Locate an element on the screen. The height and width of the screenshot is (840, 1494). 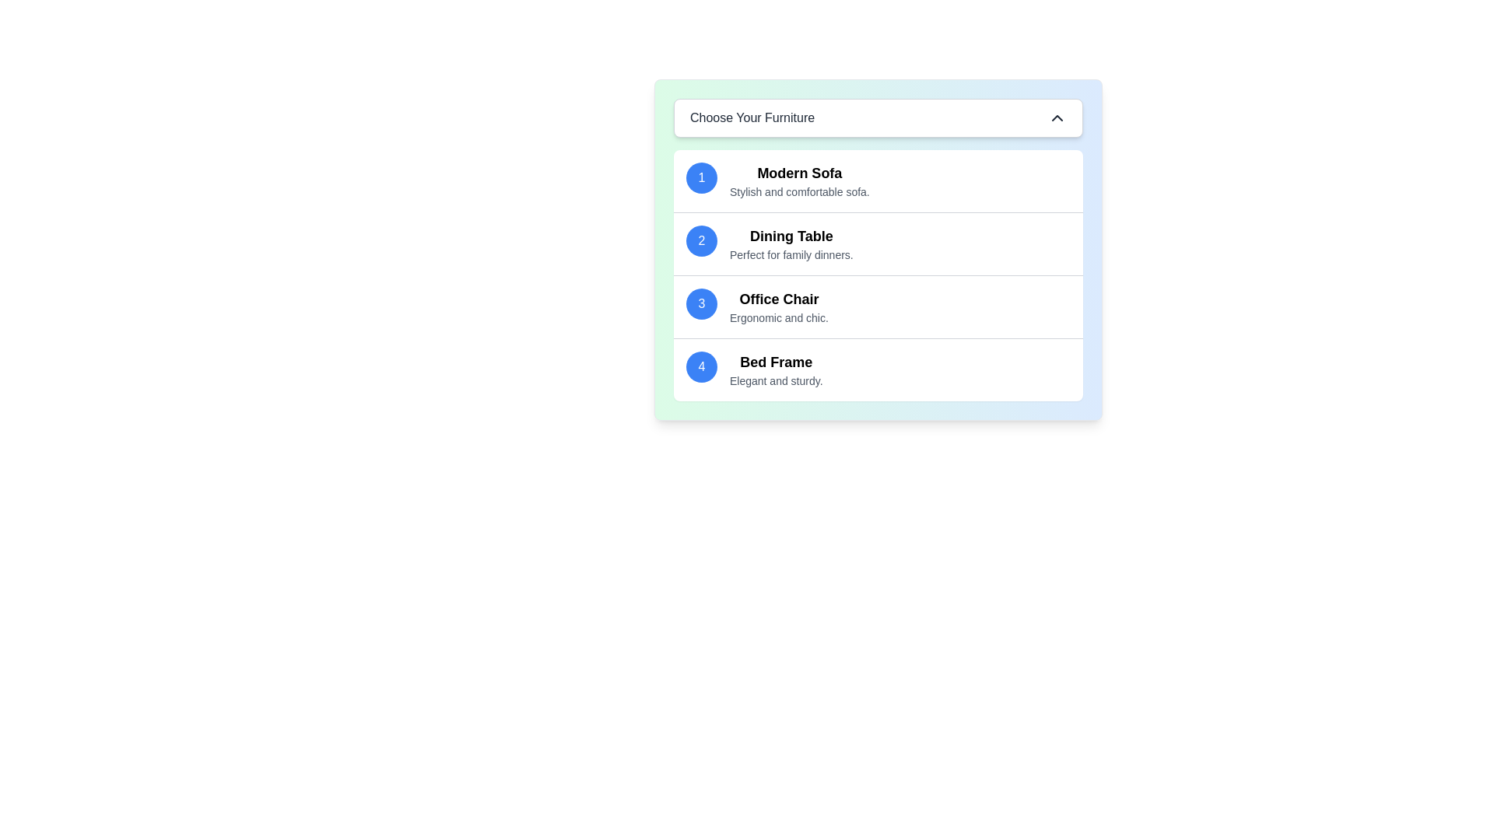
the title label for the second furniture option in the list, which is centrally aligned above the description 'Perfect for family dinners.' is located at coordinates (791, 236).